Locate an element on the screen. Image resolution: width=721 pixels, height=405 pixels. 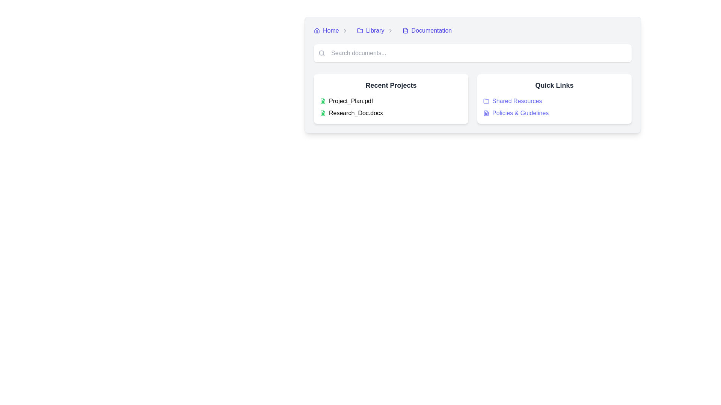
the document icon in the navigation toolbar is located at coordinates (405, 30).